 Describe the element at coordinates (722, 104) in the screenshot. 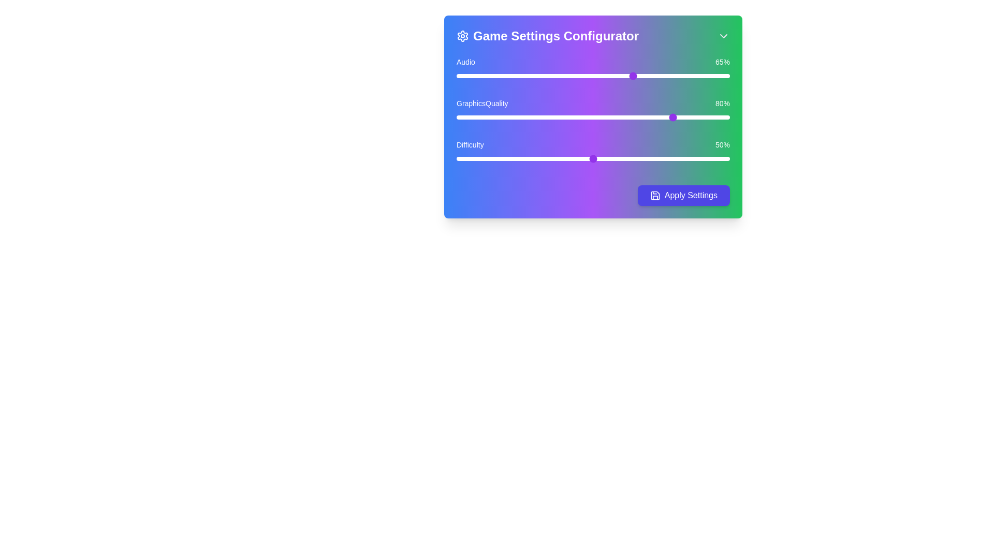

I see `the Text Label that displays the current graphics quality level percentage, located in the 'GraphicsQuality' row, to the right of the text 'GraphicsQuality'` at that location.